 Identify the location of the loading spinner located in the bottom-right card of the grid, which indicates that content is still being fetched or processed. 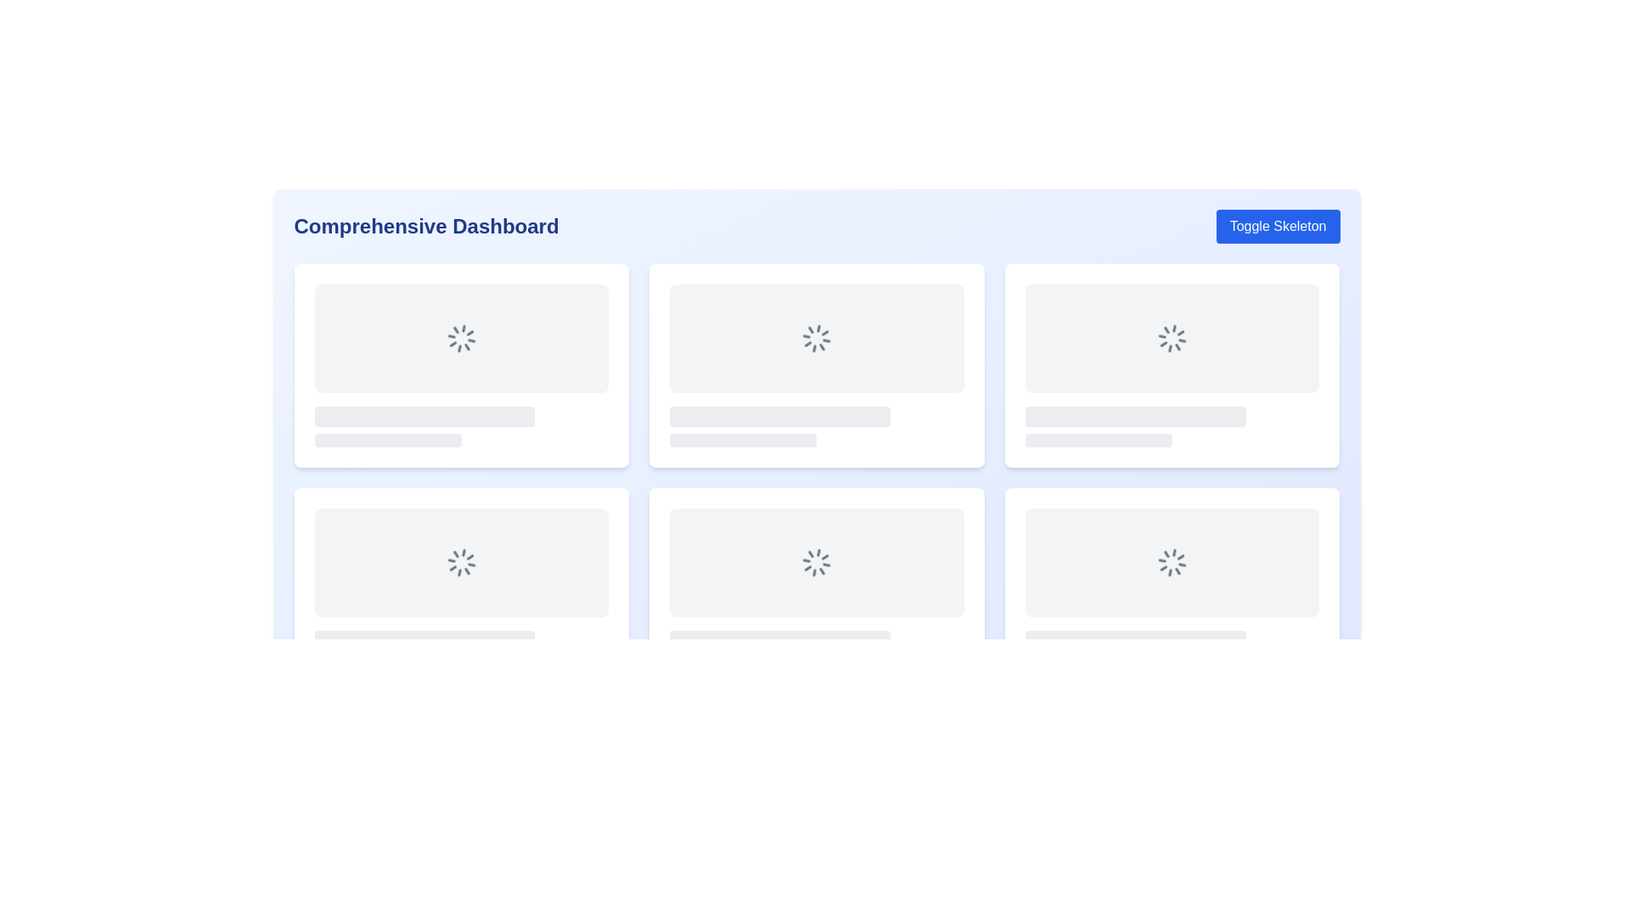
(1172, 563).